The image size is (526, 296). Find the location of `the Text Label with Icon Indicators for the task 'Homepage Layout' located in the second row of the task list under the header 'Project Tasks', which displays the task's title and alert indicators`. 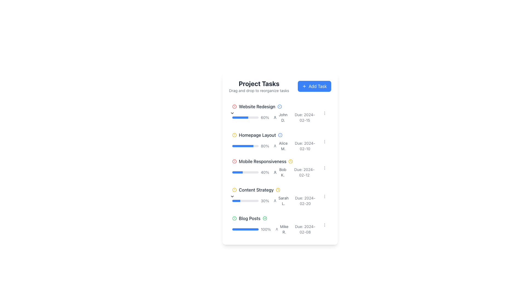

the Text Label with Icon Indicators for the task 'Homepage Layout' located in the second row of the task list under the header 'Project Tasks', which displays the task's title and alert indicators is located at coordinates (275, 135).